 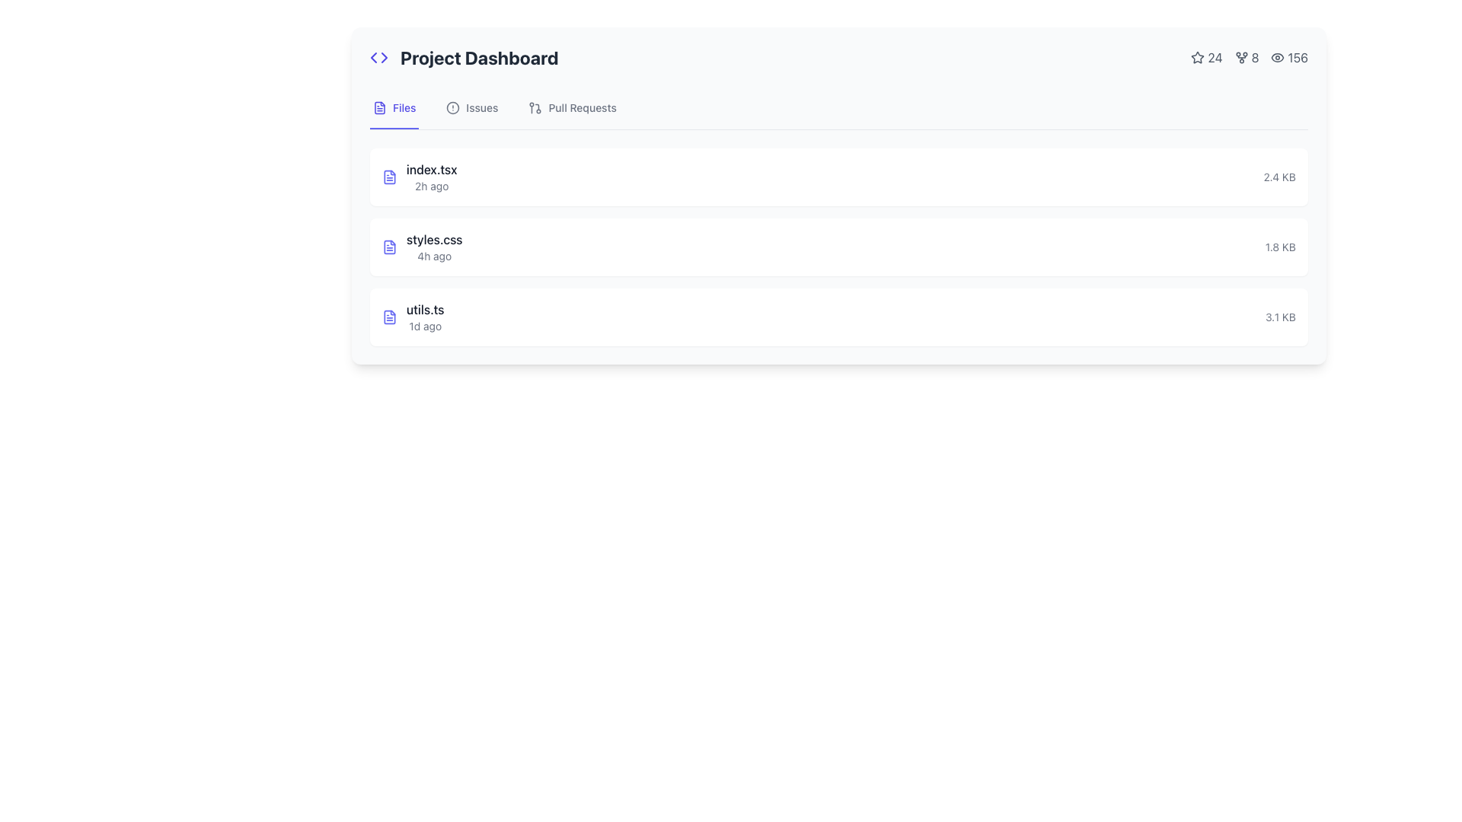 I want to click on the statistics icon displaying the number '8' in the top-right corner of the interface, which is the third item in the horizontal set of status indicators, so click(x=1250, y=57).